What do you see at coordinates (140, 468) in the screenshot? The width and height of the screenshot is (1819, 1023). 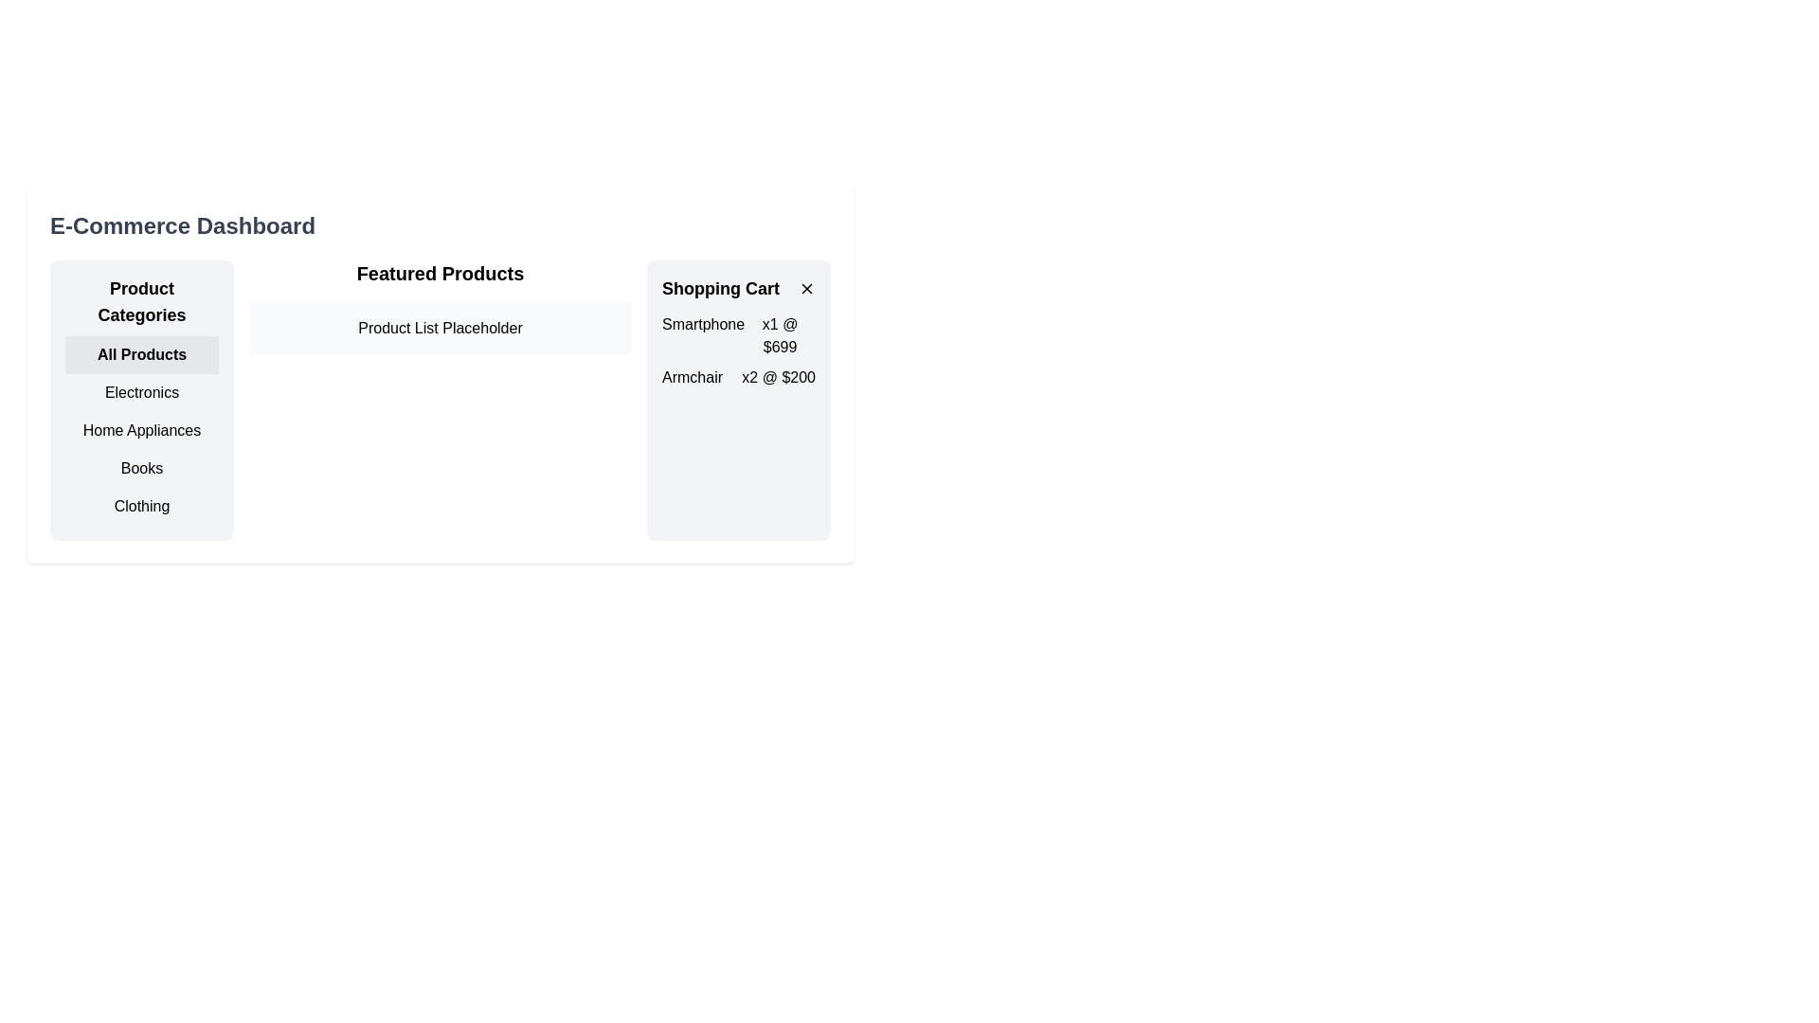 I see `the 'Books' category selector button in the e-commerce dashboard` at bounding box center [140, 468].